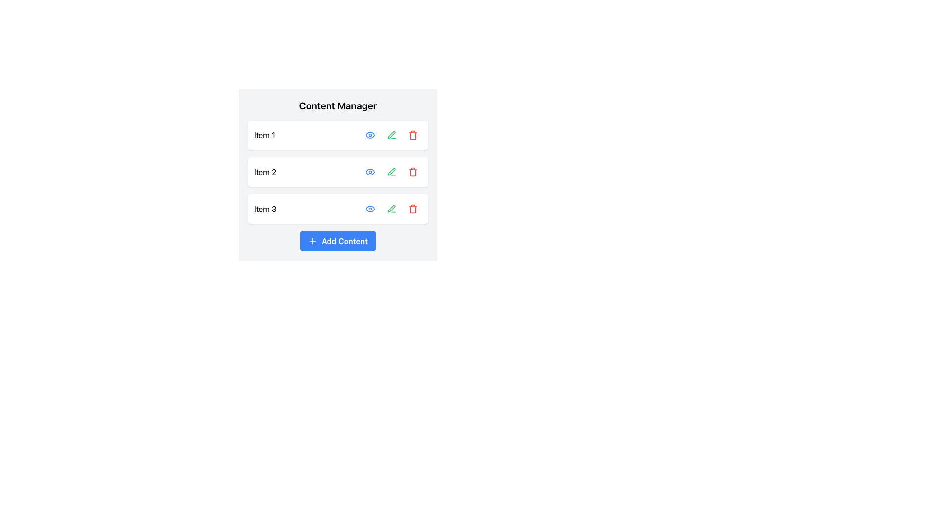  What do you see at coordinates (392, 172) in the screenshot?
I see `the green circular edit button with a pen icon, which is the second button in a group of three for 'Item 2', to possibly reveal a tooltip` at bounding box center [392, 172].